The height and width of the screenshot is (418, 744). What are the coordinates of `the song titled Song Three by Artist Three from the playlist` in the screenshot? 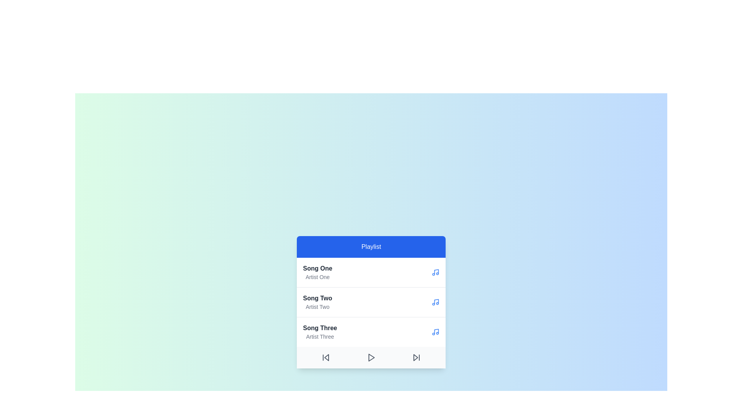 It's located at (320, 331).